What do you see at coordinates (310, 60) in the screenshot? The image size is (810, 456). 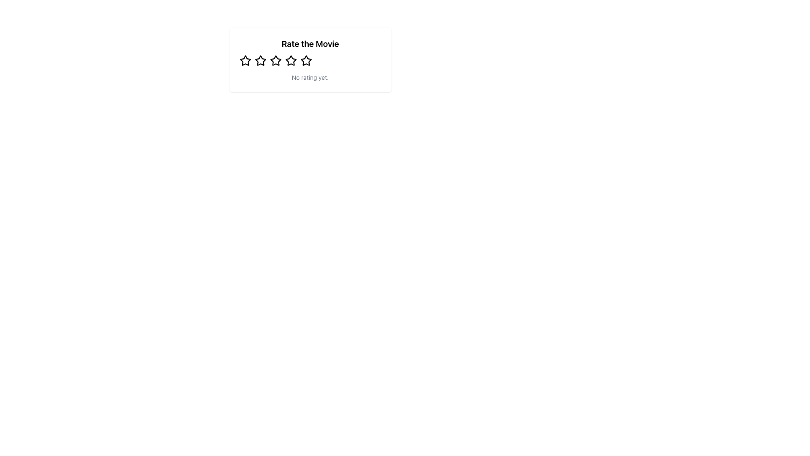 I see `on one of the star icons in the Rating Component located below the 'Rate the Movie' title` at bounding box center [310, 60].